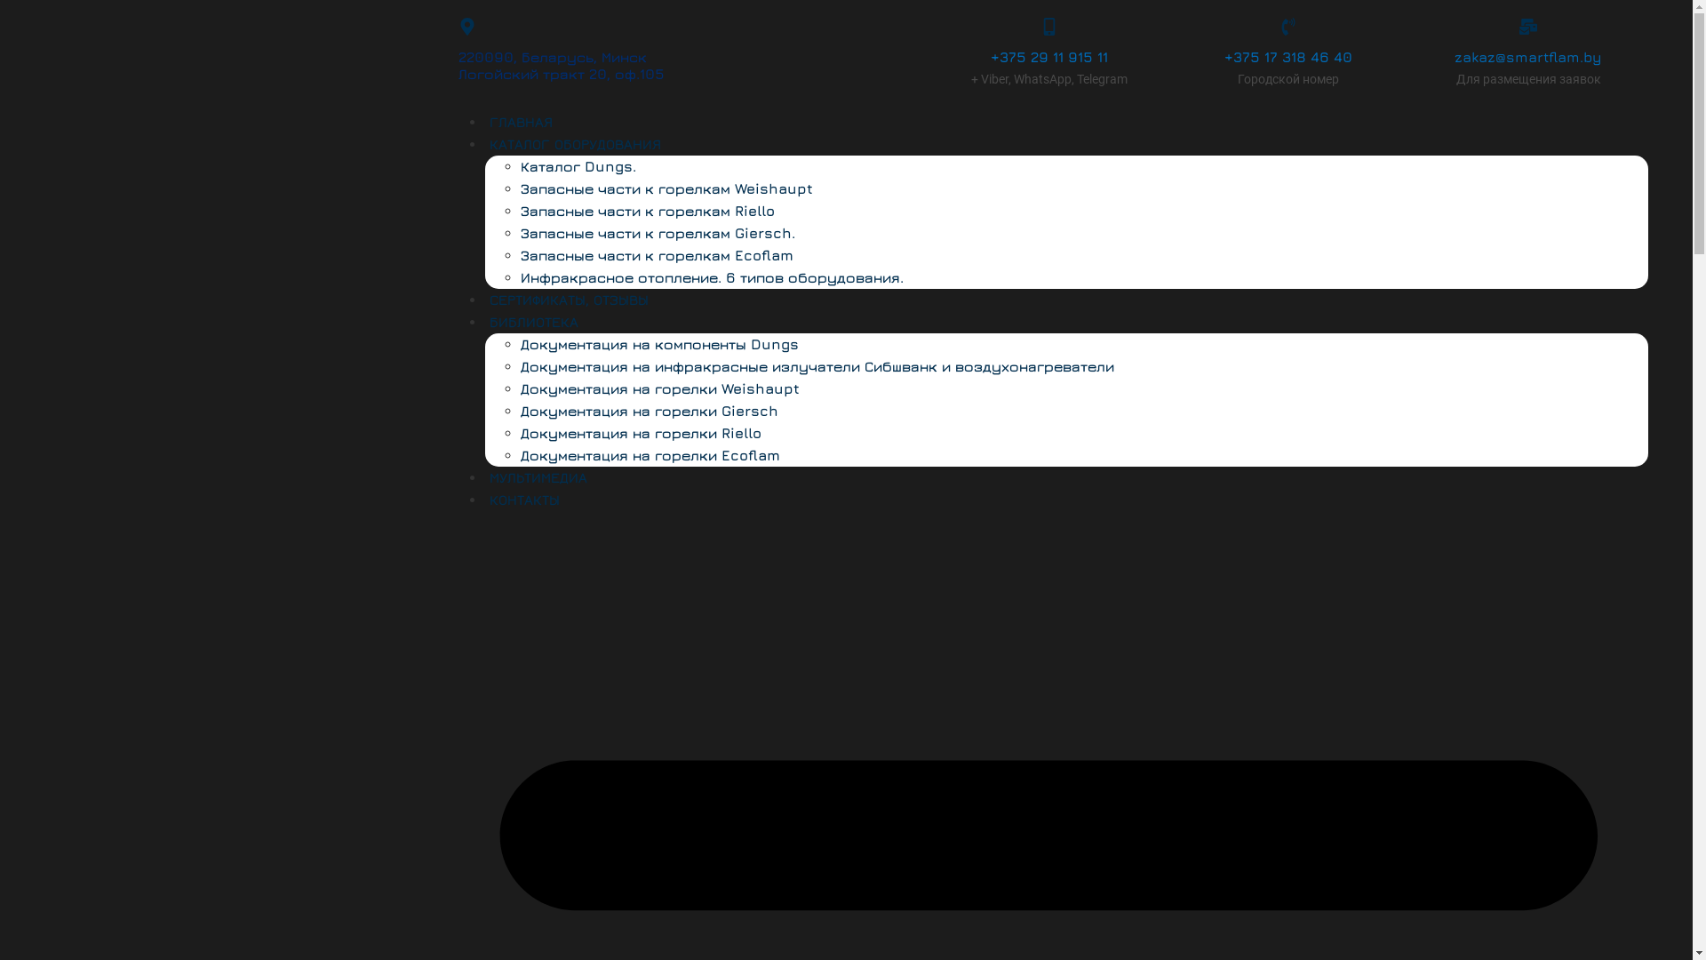 The width and height of the screenshot is (1706, 960). Describe the element at coordinates (1527, 56) in the screenshot. I see `'zakaz@smartflam.by'` at that location.